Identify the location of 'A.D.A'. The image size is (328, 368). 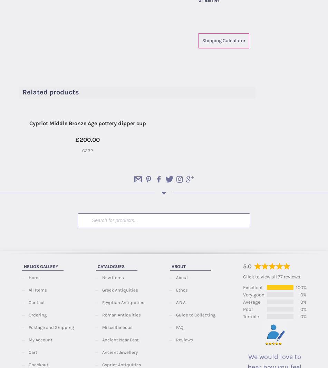
(181, 302).